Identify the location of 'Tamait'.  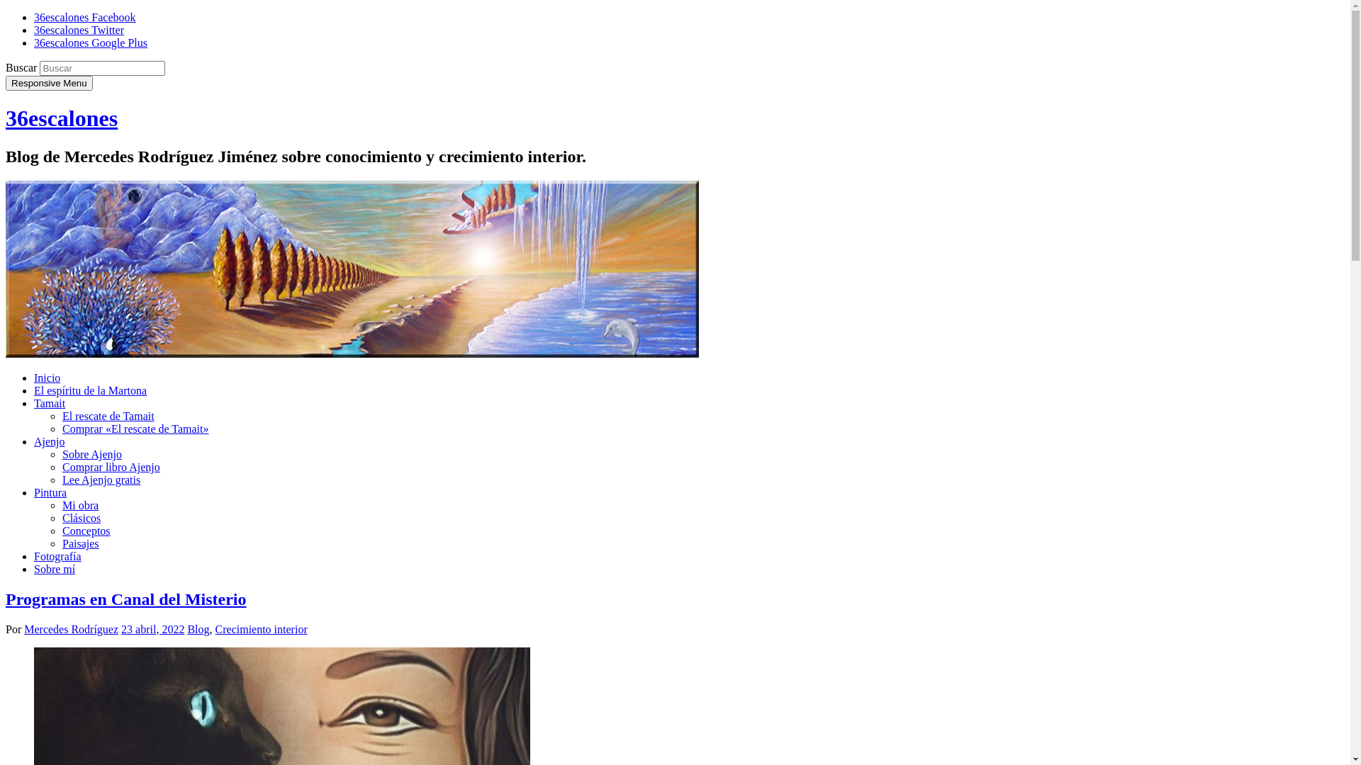
(50, 403).